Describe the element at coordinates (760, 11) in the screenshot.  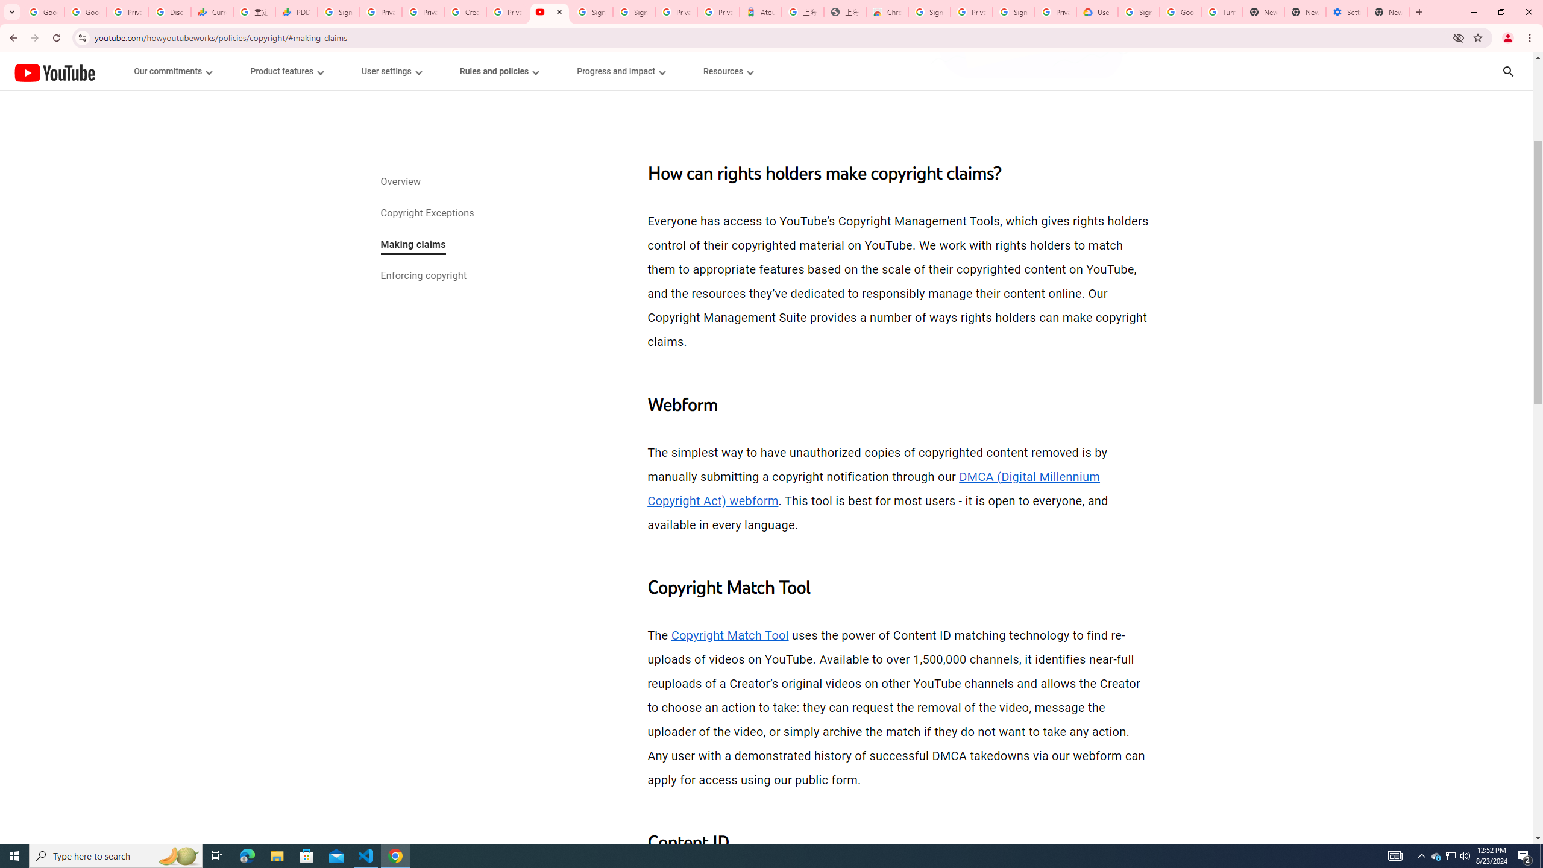
I see `'Atour Hotel - Google hotels'` at that location.